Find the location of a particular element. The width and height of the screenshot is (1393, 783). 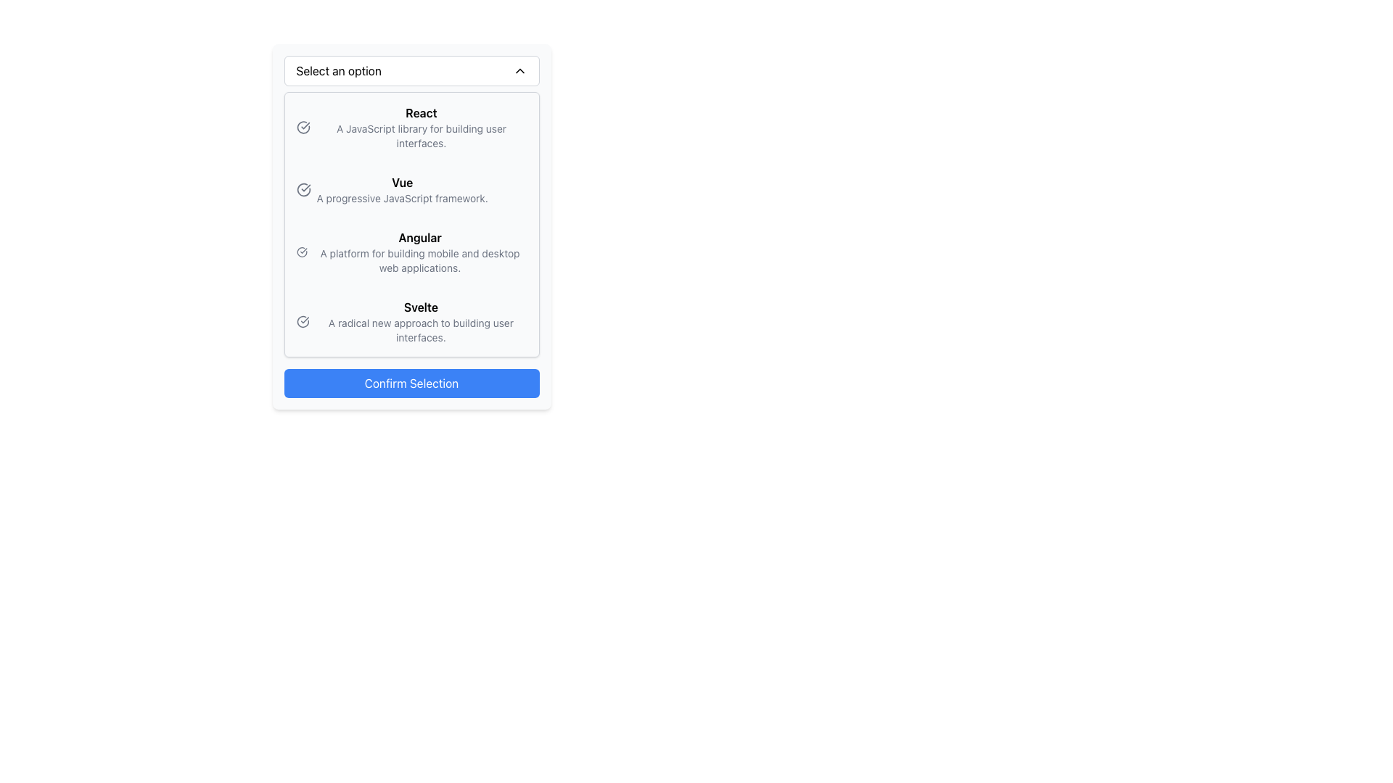

the list item displaying 'Angular' is located at coordinates (411, 251).